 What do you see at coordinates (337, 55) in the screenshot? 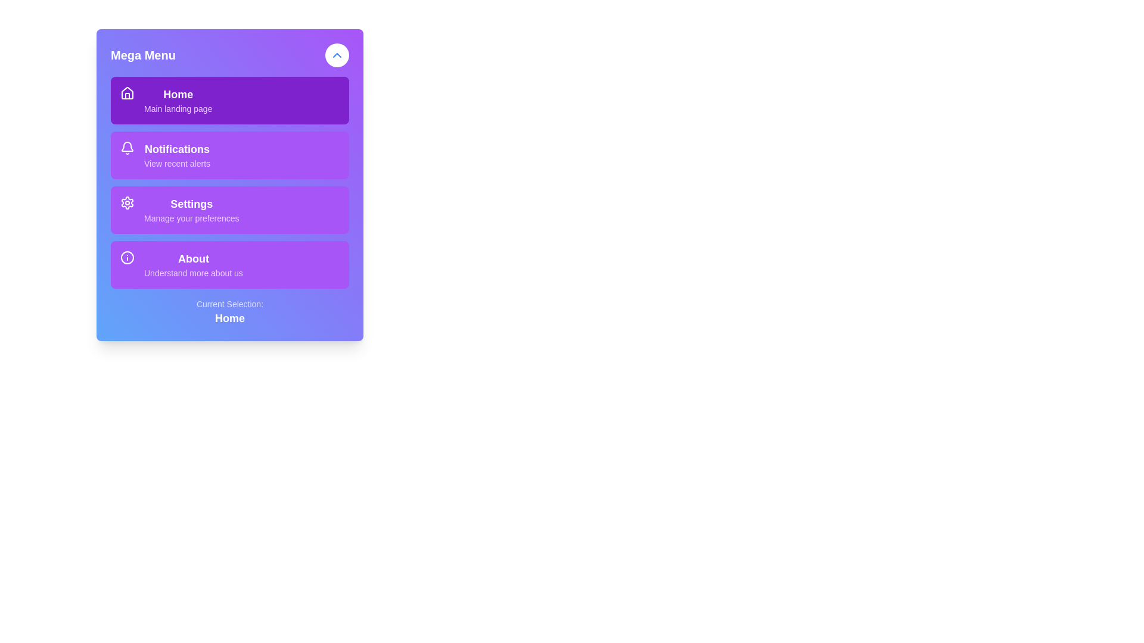
I see `the upward-pointing chevron icon within the blue outlined circular button in the Mega Menu` at bounding box center [337, 55].